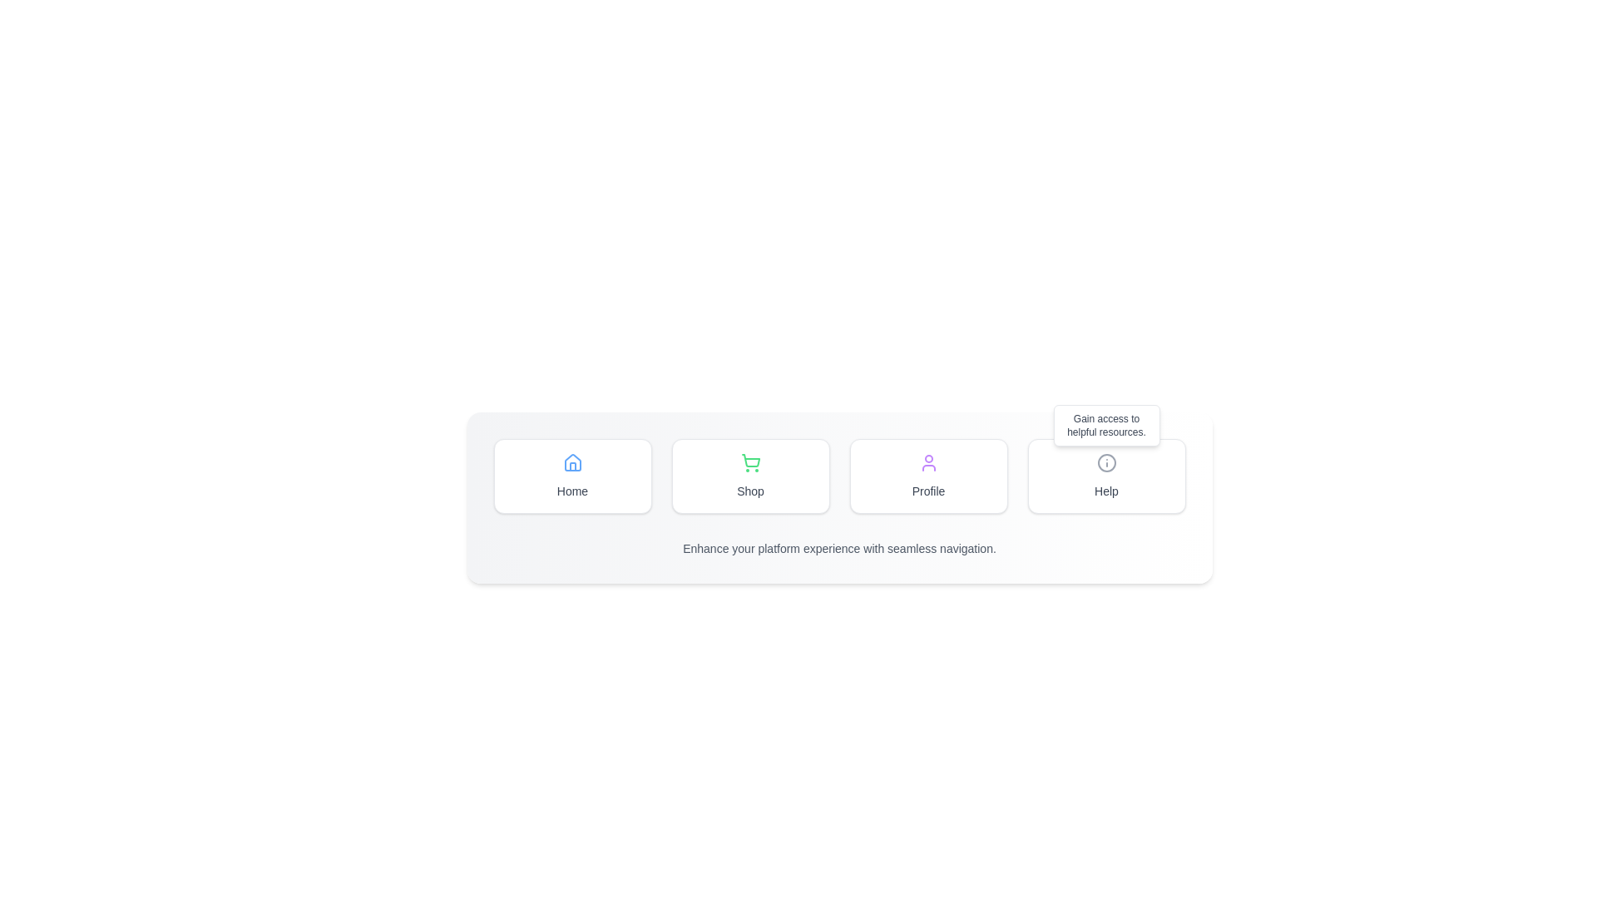 Image resolution: width=1597 pixels, height=898 pixels. I want to click on the shopping cart icon located in the 'Shop' section, positioned between 'Home' and 'Profile', and above the 'Shop' label text, so click(749, 462).